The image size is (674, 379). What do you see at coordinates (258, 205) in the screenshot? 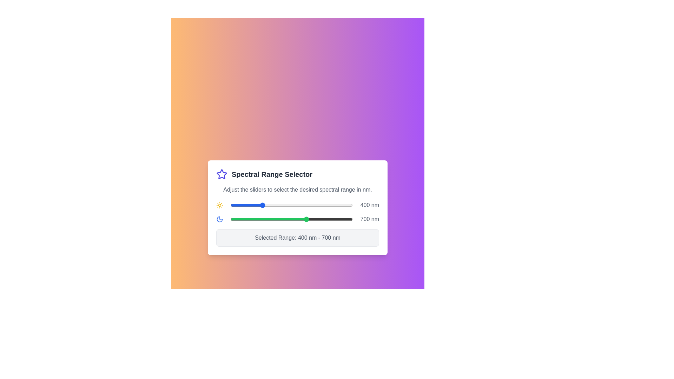
I see `the start slider to set the lower limit of the spectral range to 381 nm` at bounding box center [258, 205].